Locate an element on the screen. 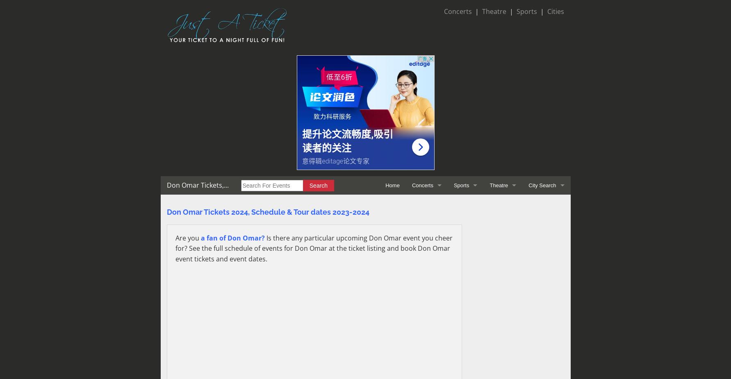 The height and width of the screenshot is (379, 731). 'Sports' is located at coordinates (517, 11).